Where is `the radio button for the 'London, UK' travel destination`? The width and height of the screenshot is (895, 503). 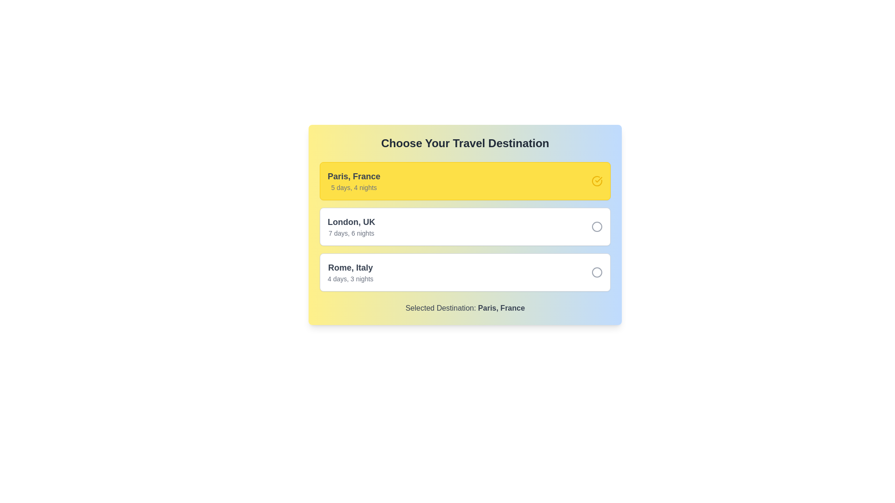
the radio button for the 'London, UK' travel destination is located at coordinates (597, 226).